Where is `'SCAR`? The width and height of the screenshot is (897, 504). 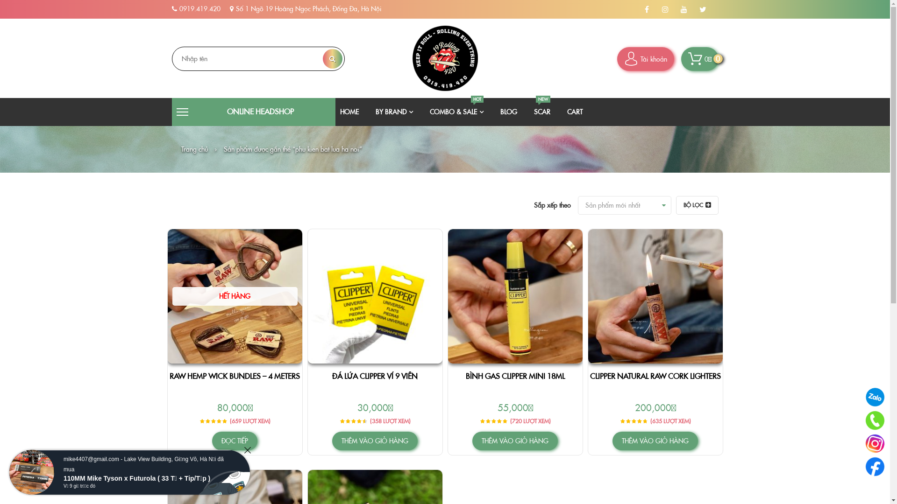
'SCAR is located at coordinates (542, 111).